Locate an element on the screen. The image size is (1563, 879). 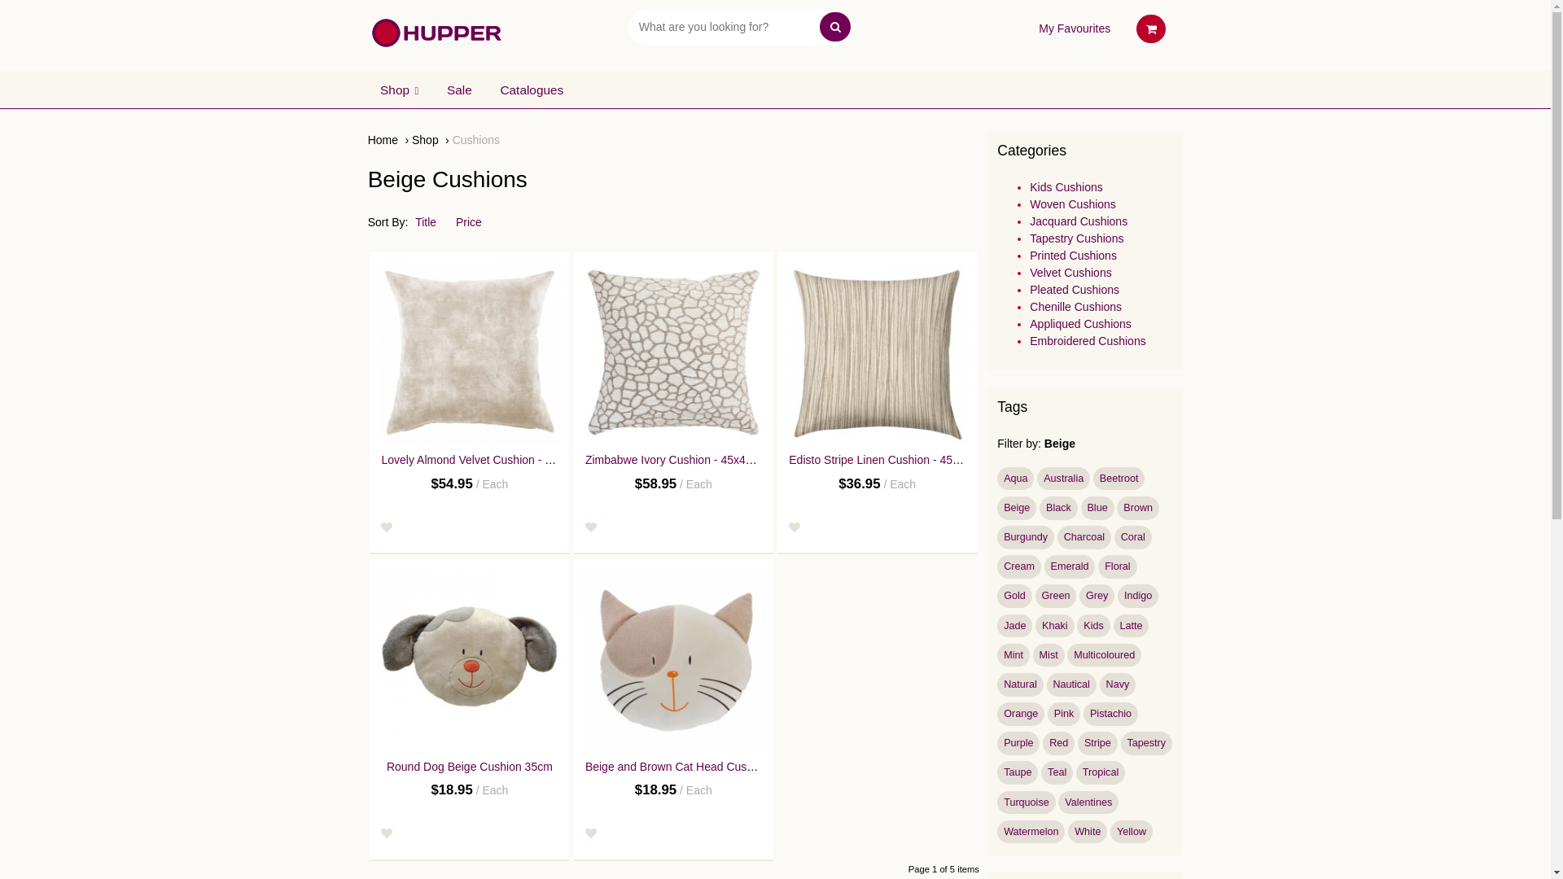
'Beetroot' is located at coordinates (1118, 478).